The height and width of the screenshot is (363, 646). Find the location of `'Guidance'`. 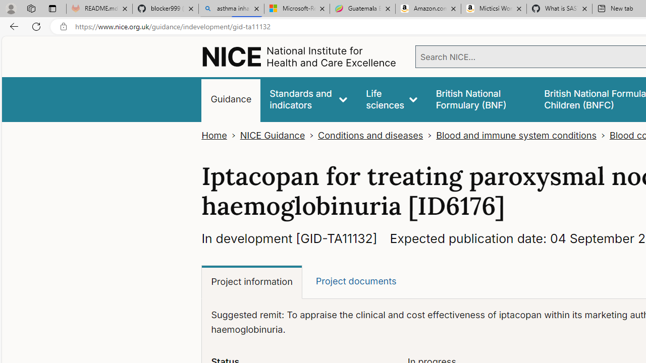

'Guidance' is located at coordinates (231, 99).